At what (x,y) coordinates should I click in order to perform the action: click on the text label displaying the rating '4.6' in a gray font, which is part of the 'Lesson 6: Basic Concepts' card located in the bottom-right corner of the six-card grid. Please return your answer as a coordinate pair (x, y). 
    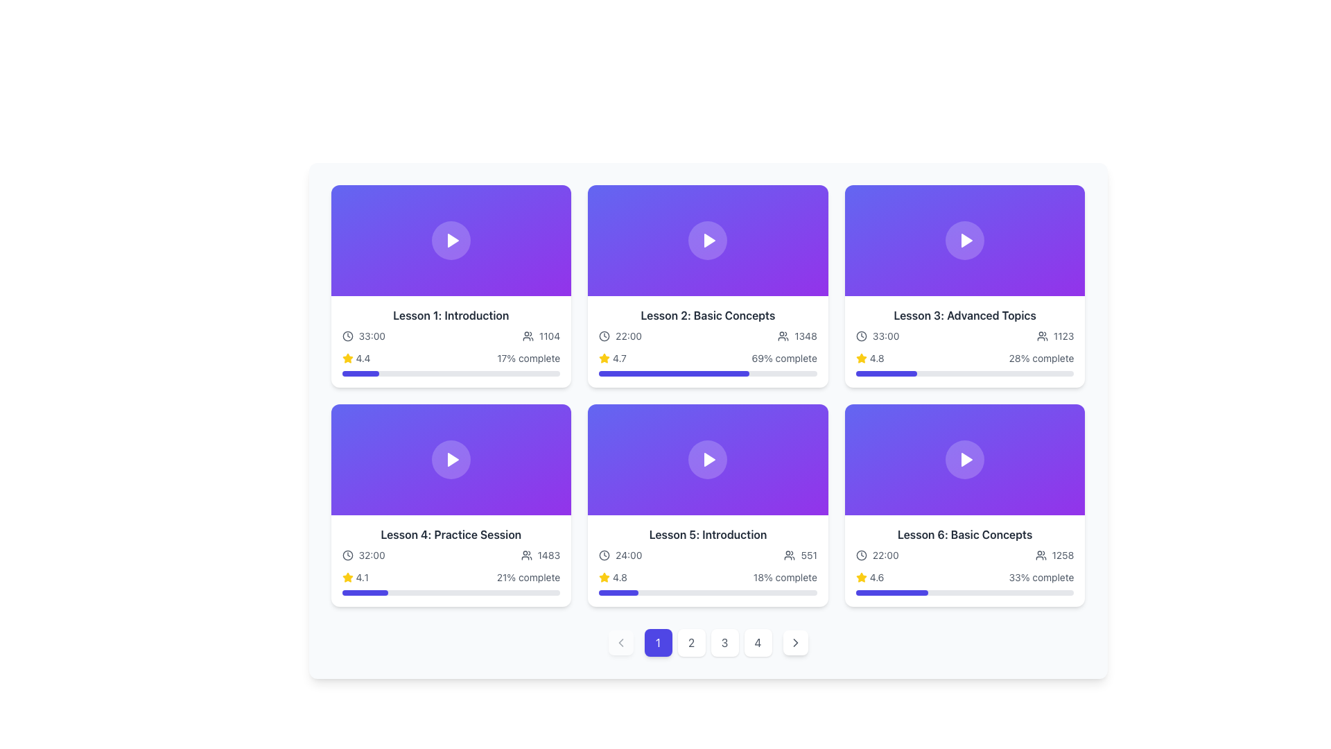
    Looking at the image, I should click on (876, 578).